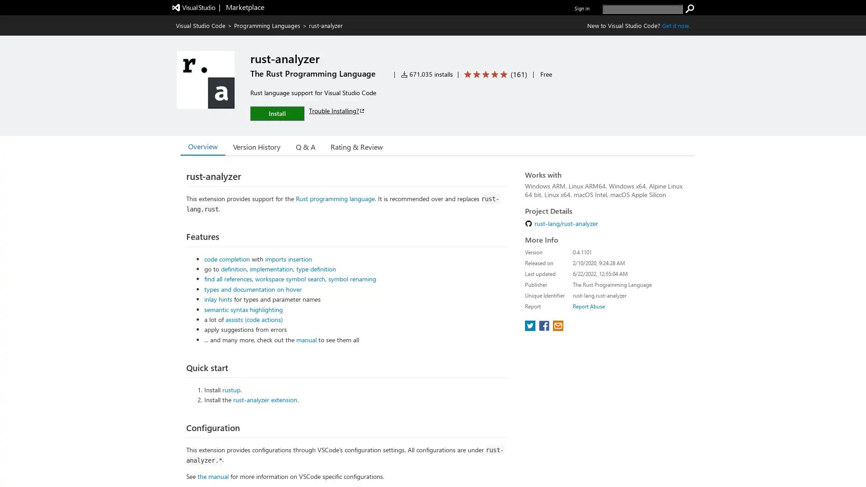 The height and width of the screenshot is (487, 866). Describe the element at coordinates (690, 9) in the screenshot. I see `search` at that location.